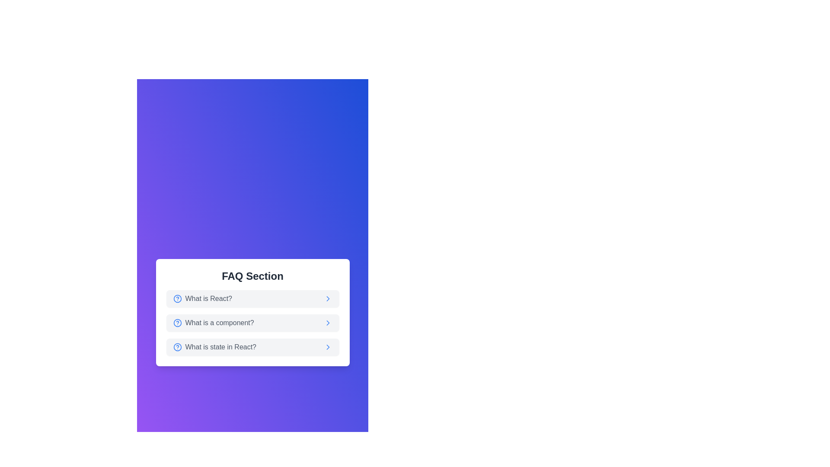  I want to click on the help icon positioned to the left of the text 'What is state in React?' in the third row of the FAQ list, so click(177, 346).